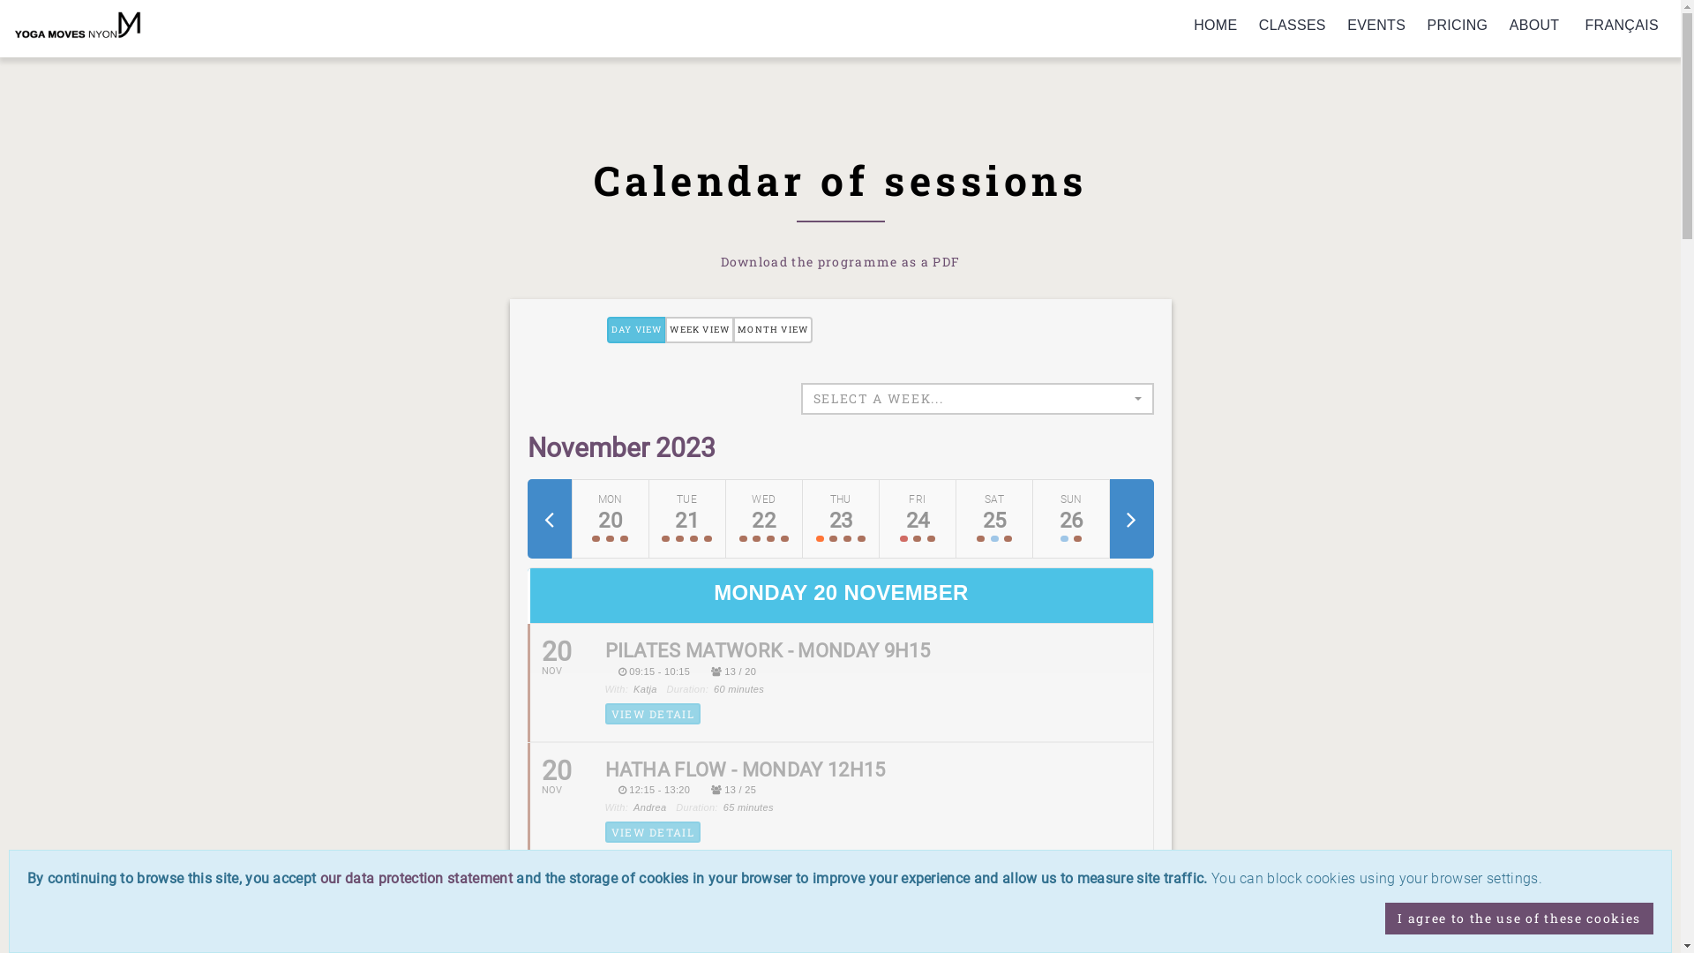  What do you see at coordinates (635, 330) in the screenshot?
I see `'DAY VIEW'` at bounding box center [635, 330].